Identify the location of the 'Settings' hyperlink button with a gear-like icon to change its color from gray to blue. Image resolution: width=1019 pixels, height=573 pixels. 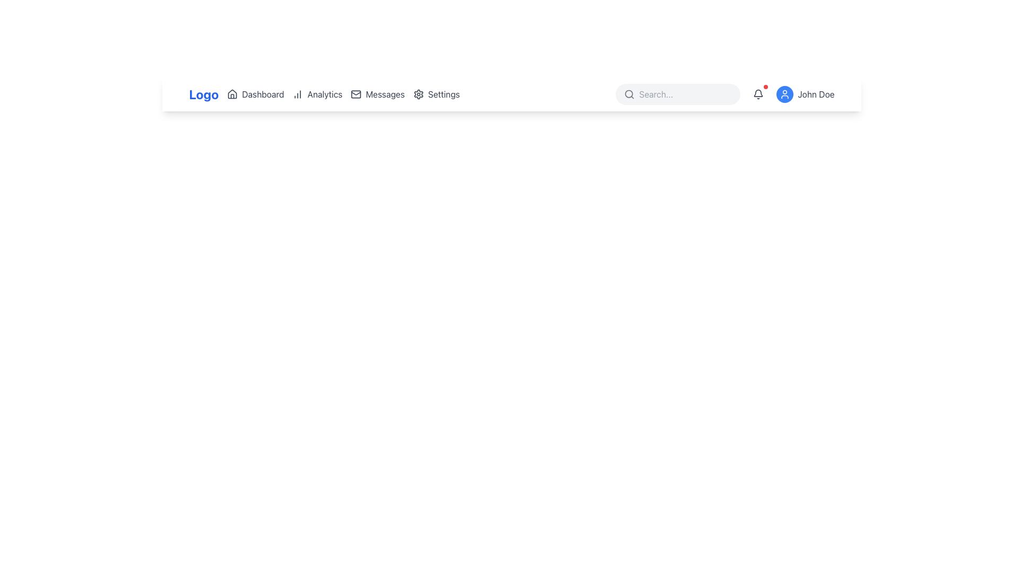
(436, 93).